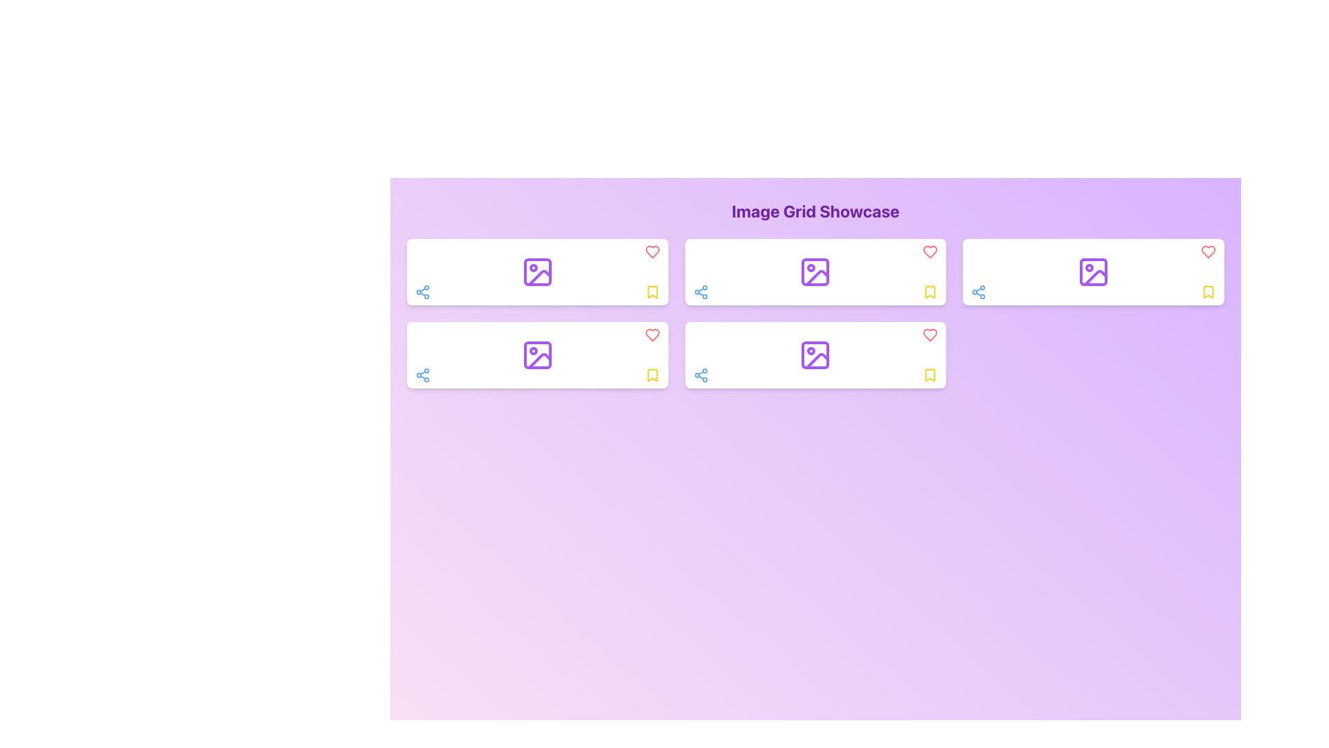 This screenshot has width=1329, height=748. I want to click on the red heart icon button located at the top-right corner inside the second card of the second row, so click(651, 335).